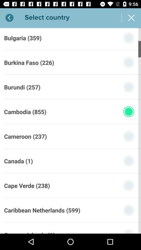 The width and height of the screenshot is (141, 250). What do you see at coordinates (18, 161) in the screenshot?
I see `the canada (1) icon` at bounding box center [18, 161].